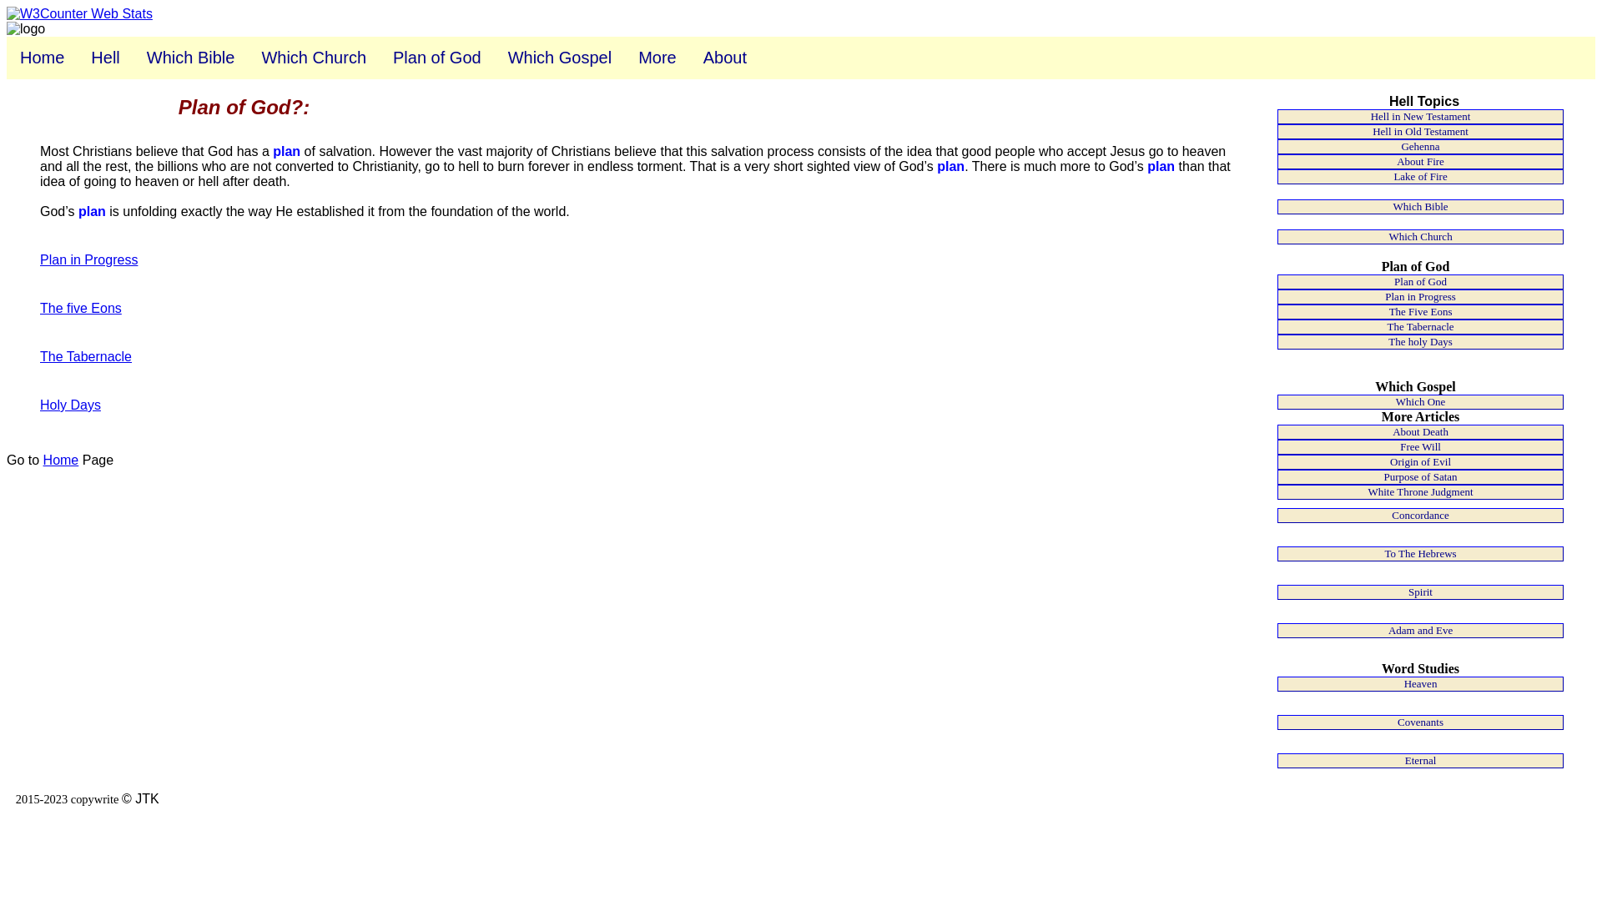  Describe the element at coordinates (313, 57) in the screenshot. I see `'Which Church'` at that location.